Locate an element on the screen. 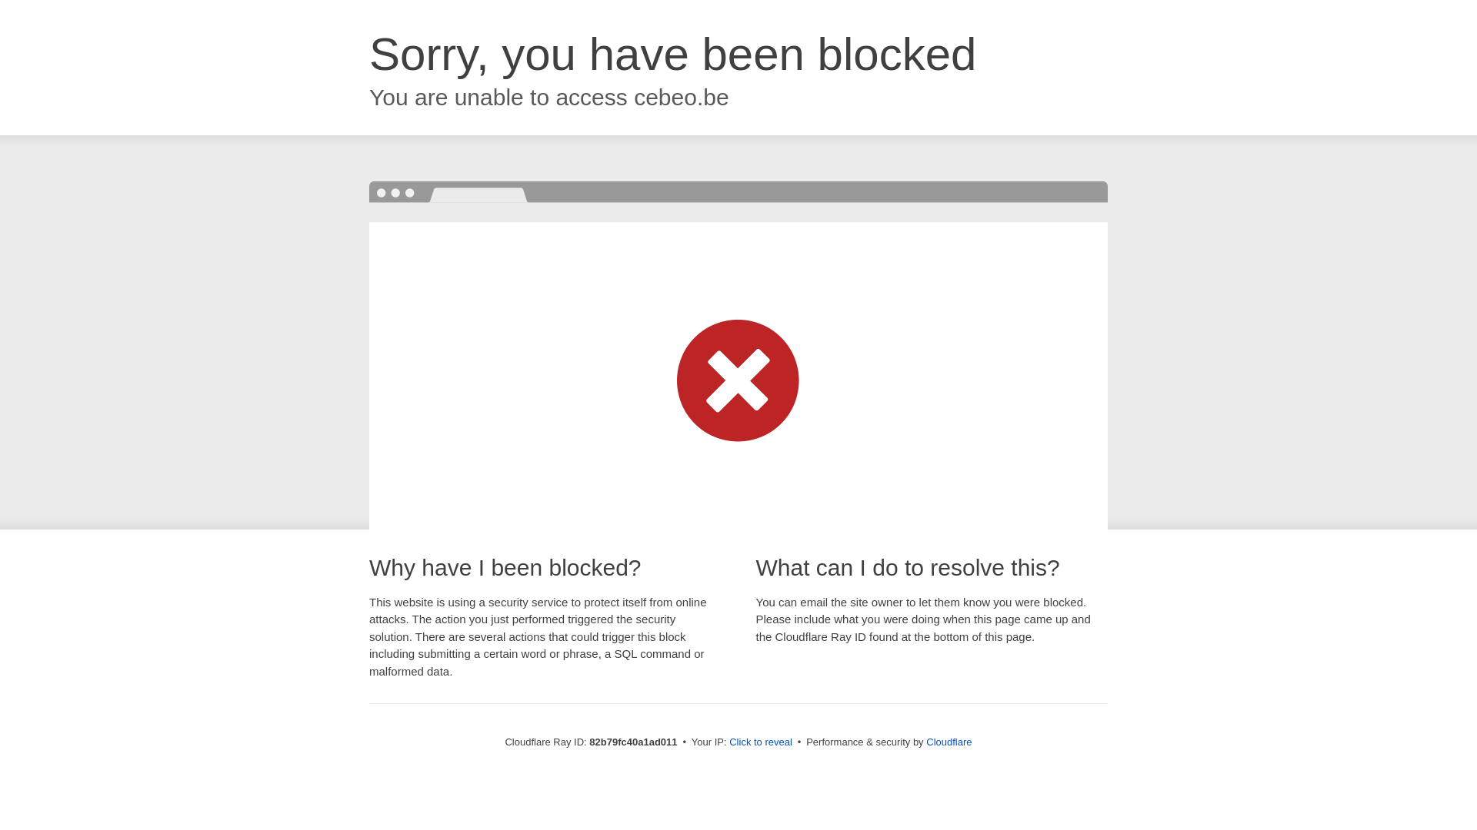  'Click to reveal' is located at coordinates (760, 741).